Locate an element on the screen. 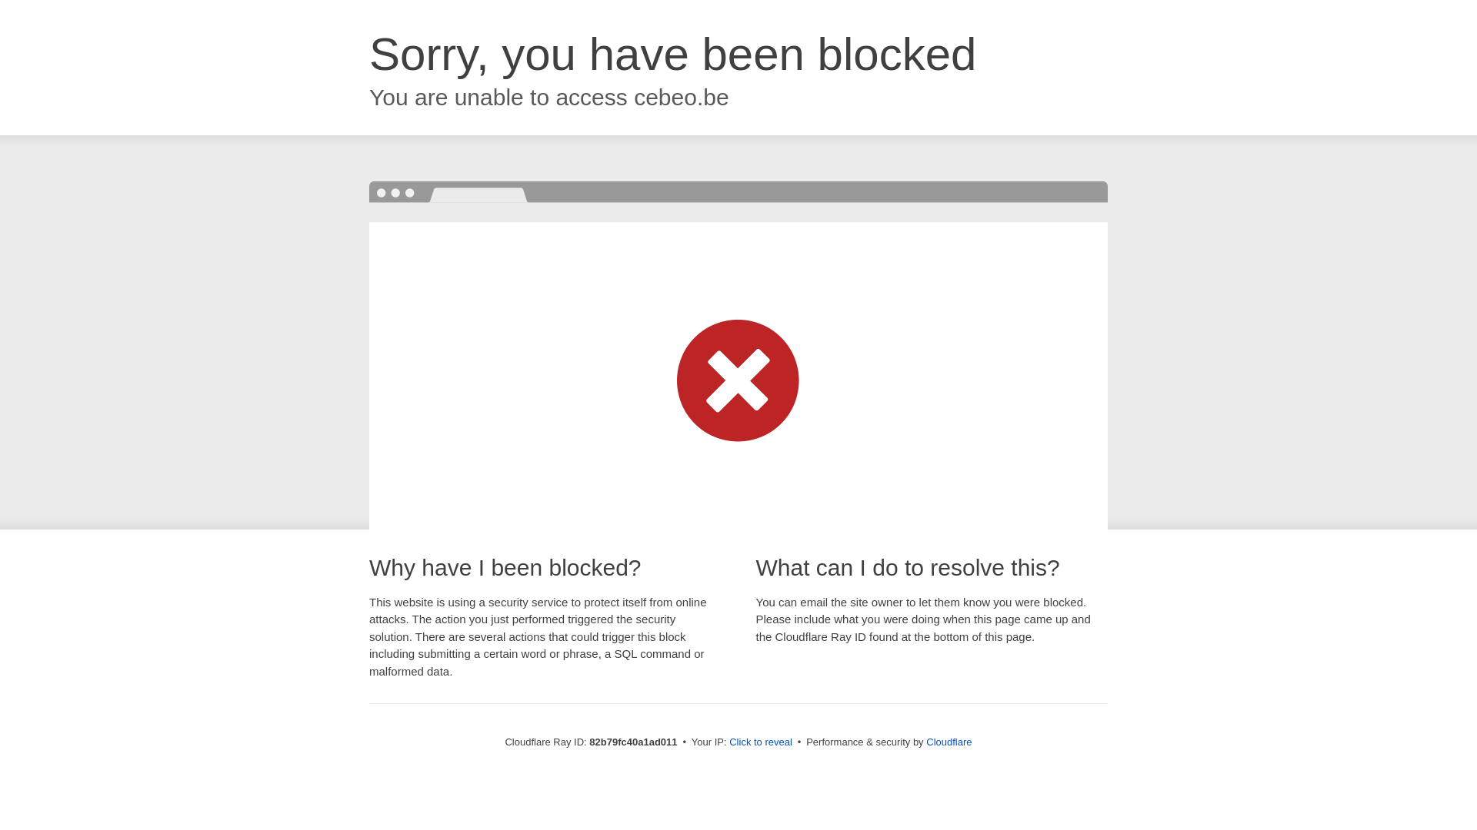  'Click to reveal' is located at coordinates (760, 741).